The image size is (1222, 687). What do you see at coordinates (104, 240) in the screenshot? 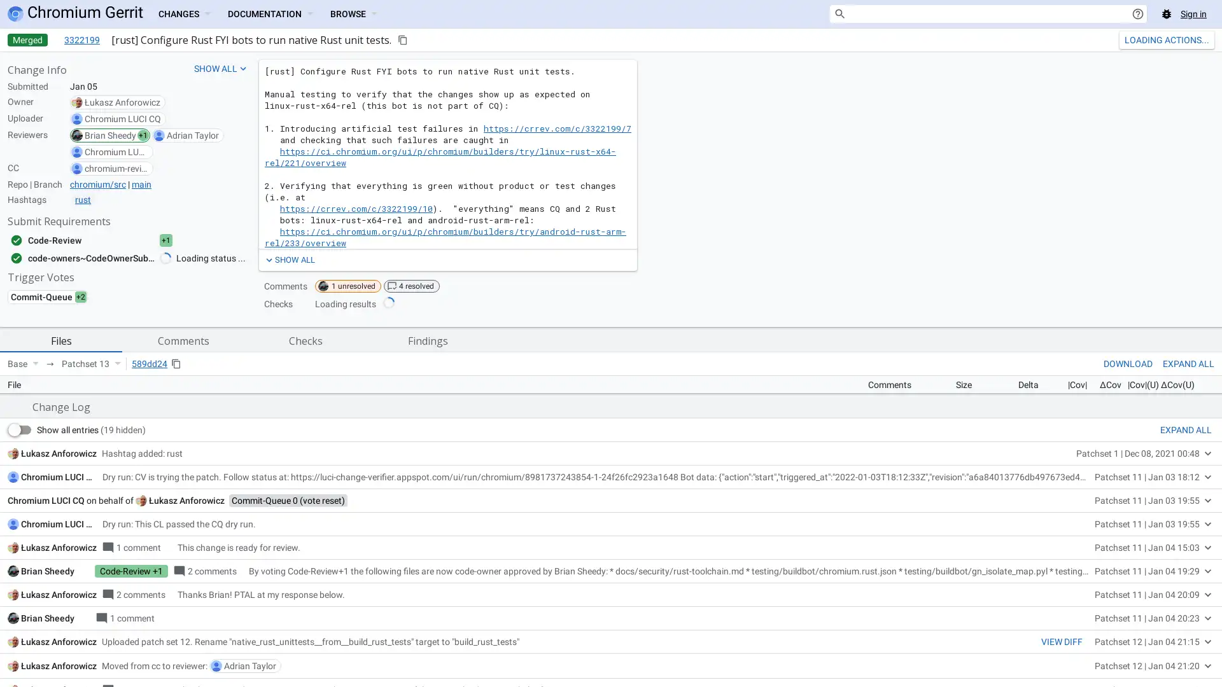
I see `satisfied Code-Review +1` at bounding box center [104, 240].